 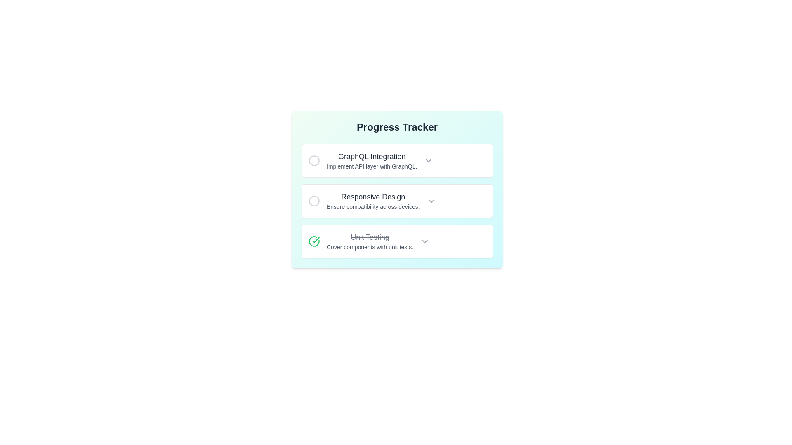 What do you see at coordinates (314, 241) in the screenshot?
I see `the completion icon located in the leftmost part of the third row of the Progress Tracker, next to the strikethrough text 'Unit Testing'` at bounding box center [314, 241].